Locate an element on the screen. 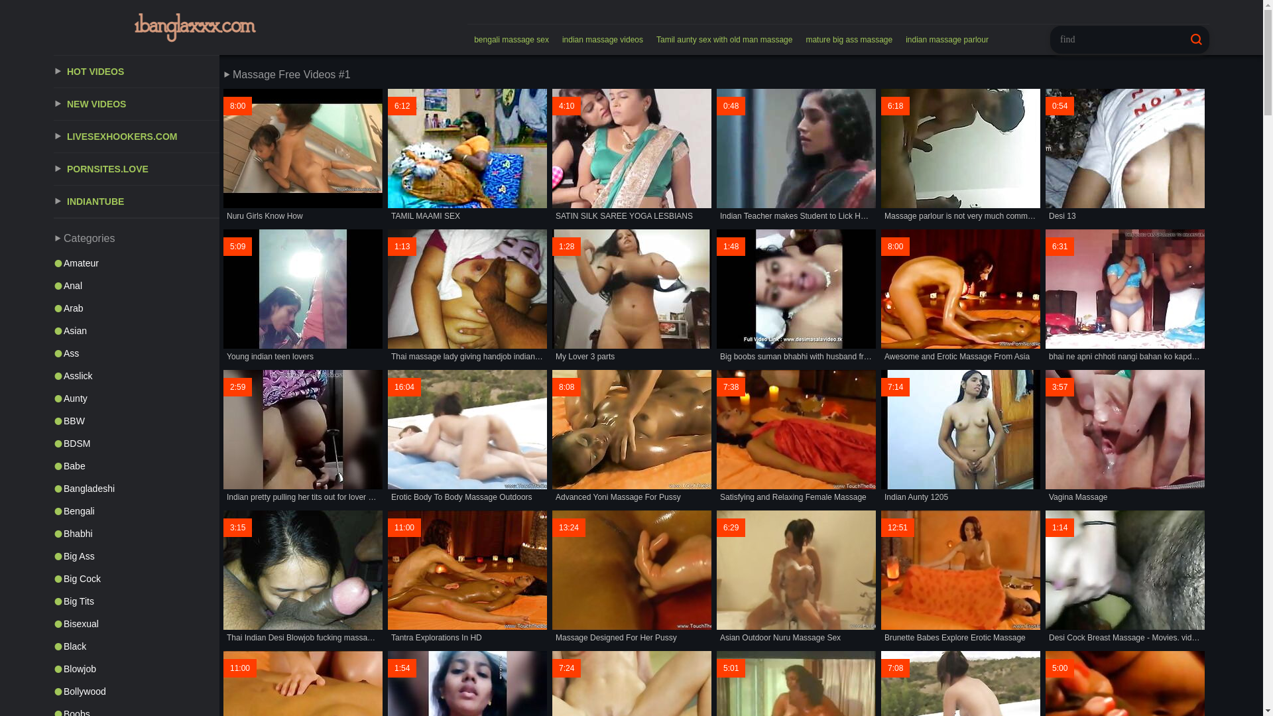 The width and height of the screenshot is (1273, 716). 'mature big ass massage' is located at coordinates (849, 39).